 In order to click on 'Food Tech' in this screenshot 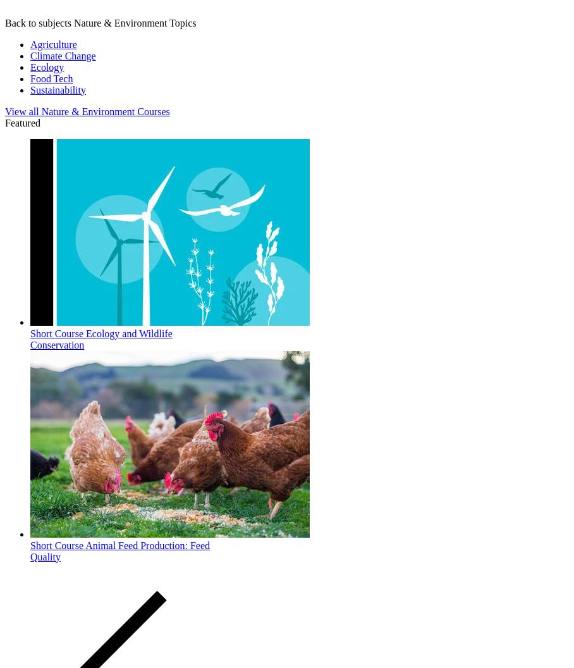, I will do `click(51, 77)`.